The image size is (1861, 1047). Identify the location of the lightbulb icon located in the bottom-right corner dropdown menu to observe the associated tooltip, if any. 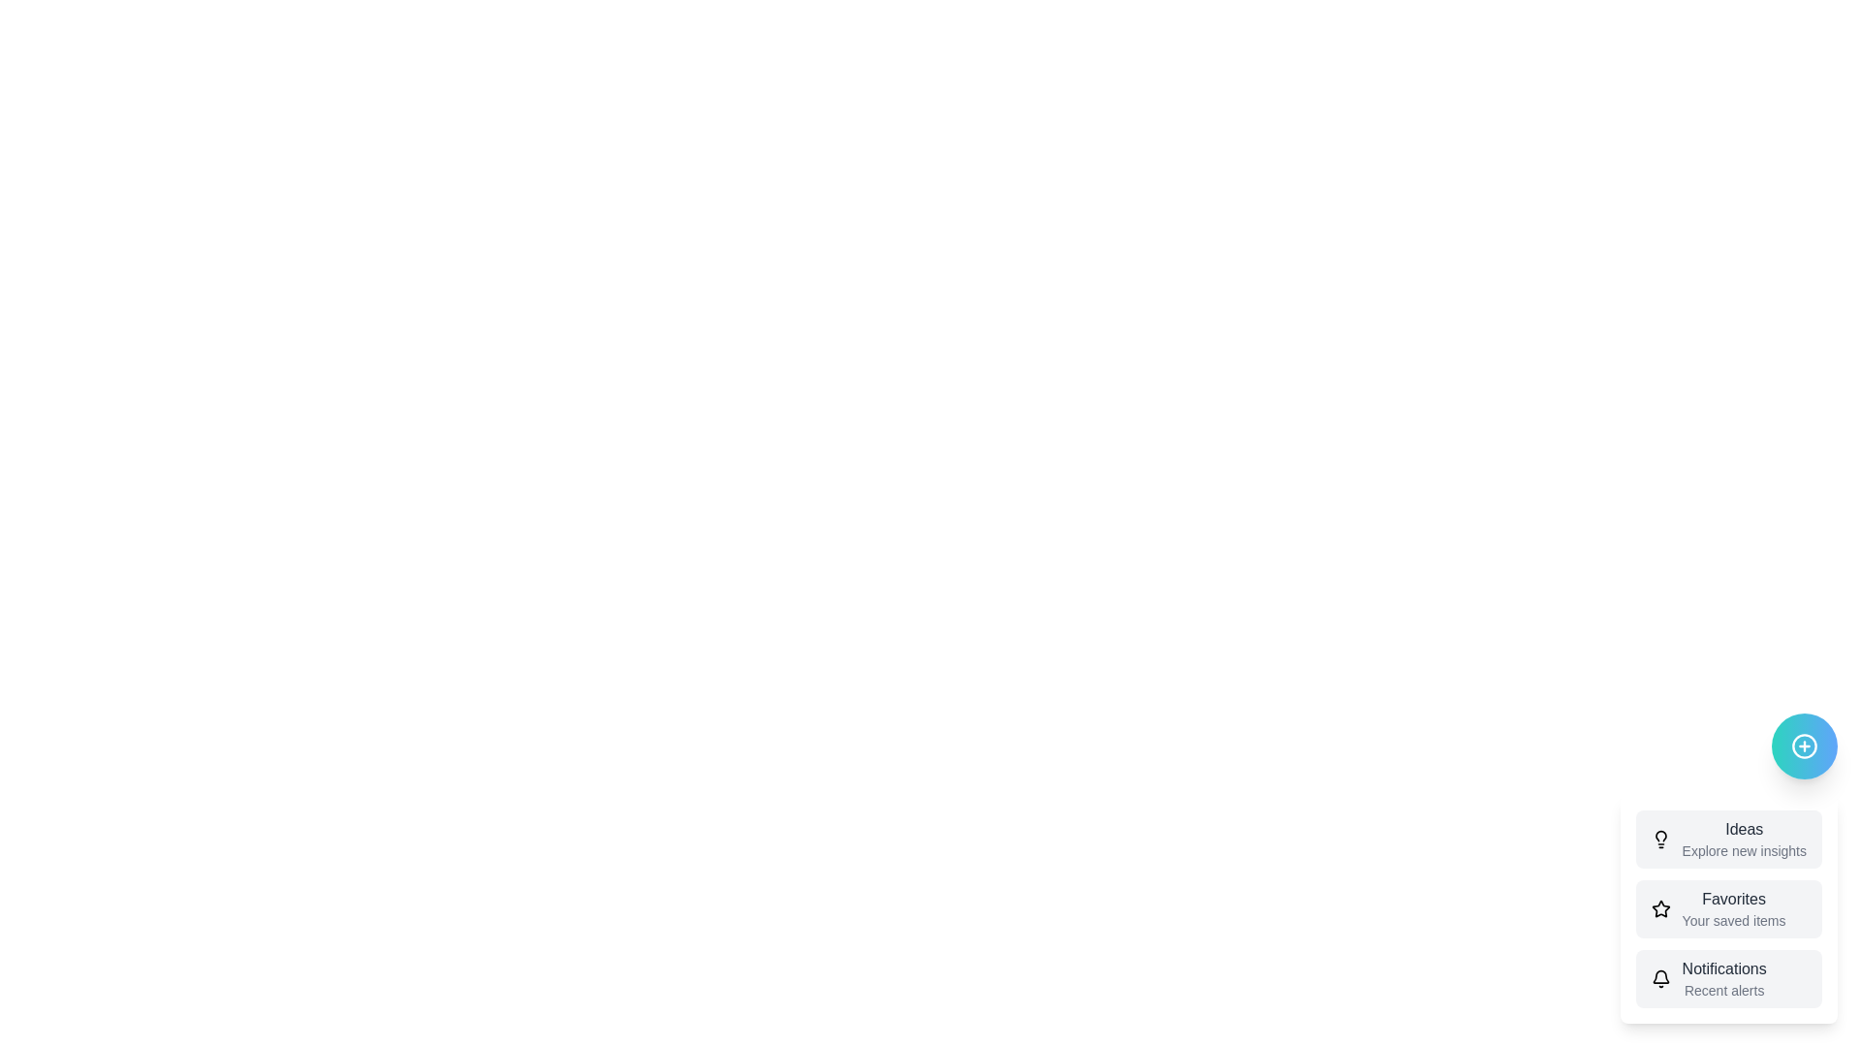
(1659, 835).